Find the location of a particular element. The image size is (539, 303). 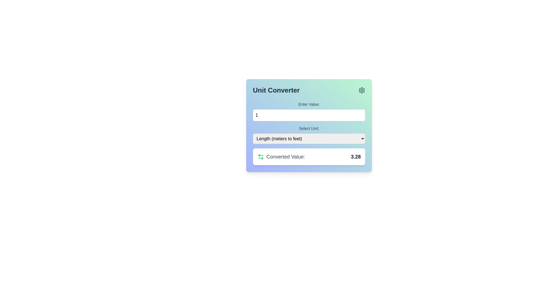

the gear/settings icon located at the top-right corner of the unit converter interface is located at coordinates (362, 90).